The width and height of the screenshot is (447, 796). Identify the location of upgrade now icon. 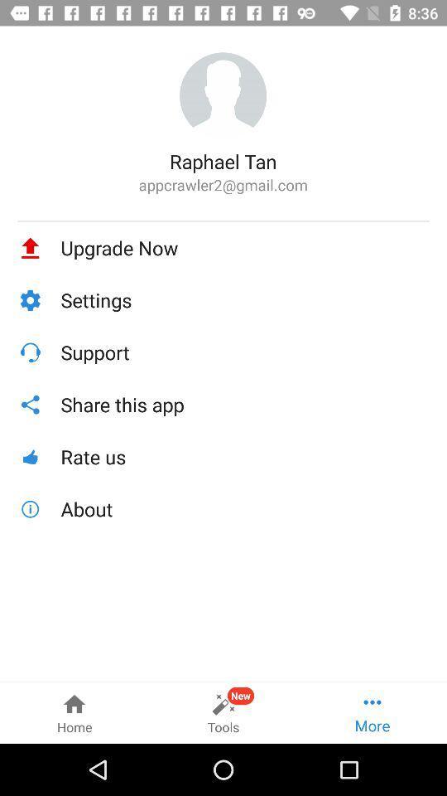
(244, 247).